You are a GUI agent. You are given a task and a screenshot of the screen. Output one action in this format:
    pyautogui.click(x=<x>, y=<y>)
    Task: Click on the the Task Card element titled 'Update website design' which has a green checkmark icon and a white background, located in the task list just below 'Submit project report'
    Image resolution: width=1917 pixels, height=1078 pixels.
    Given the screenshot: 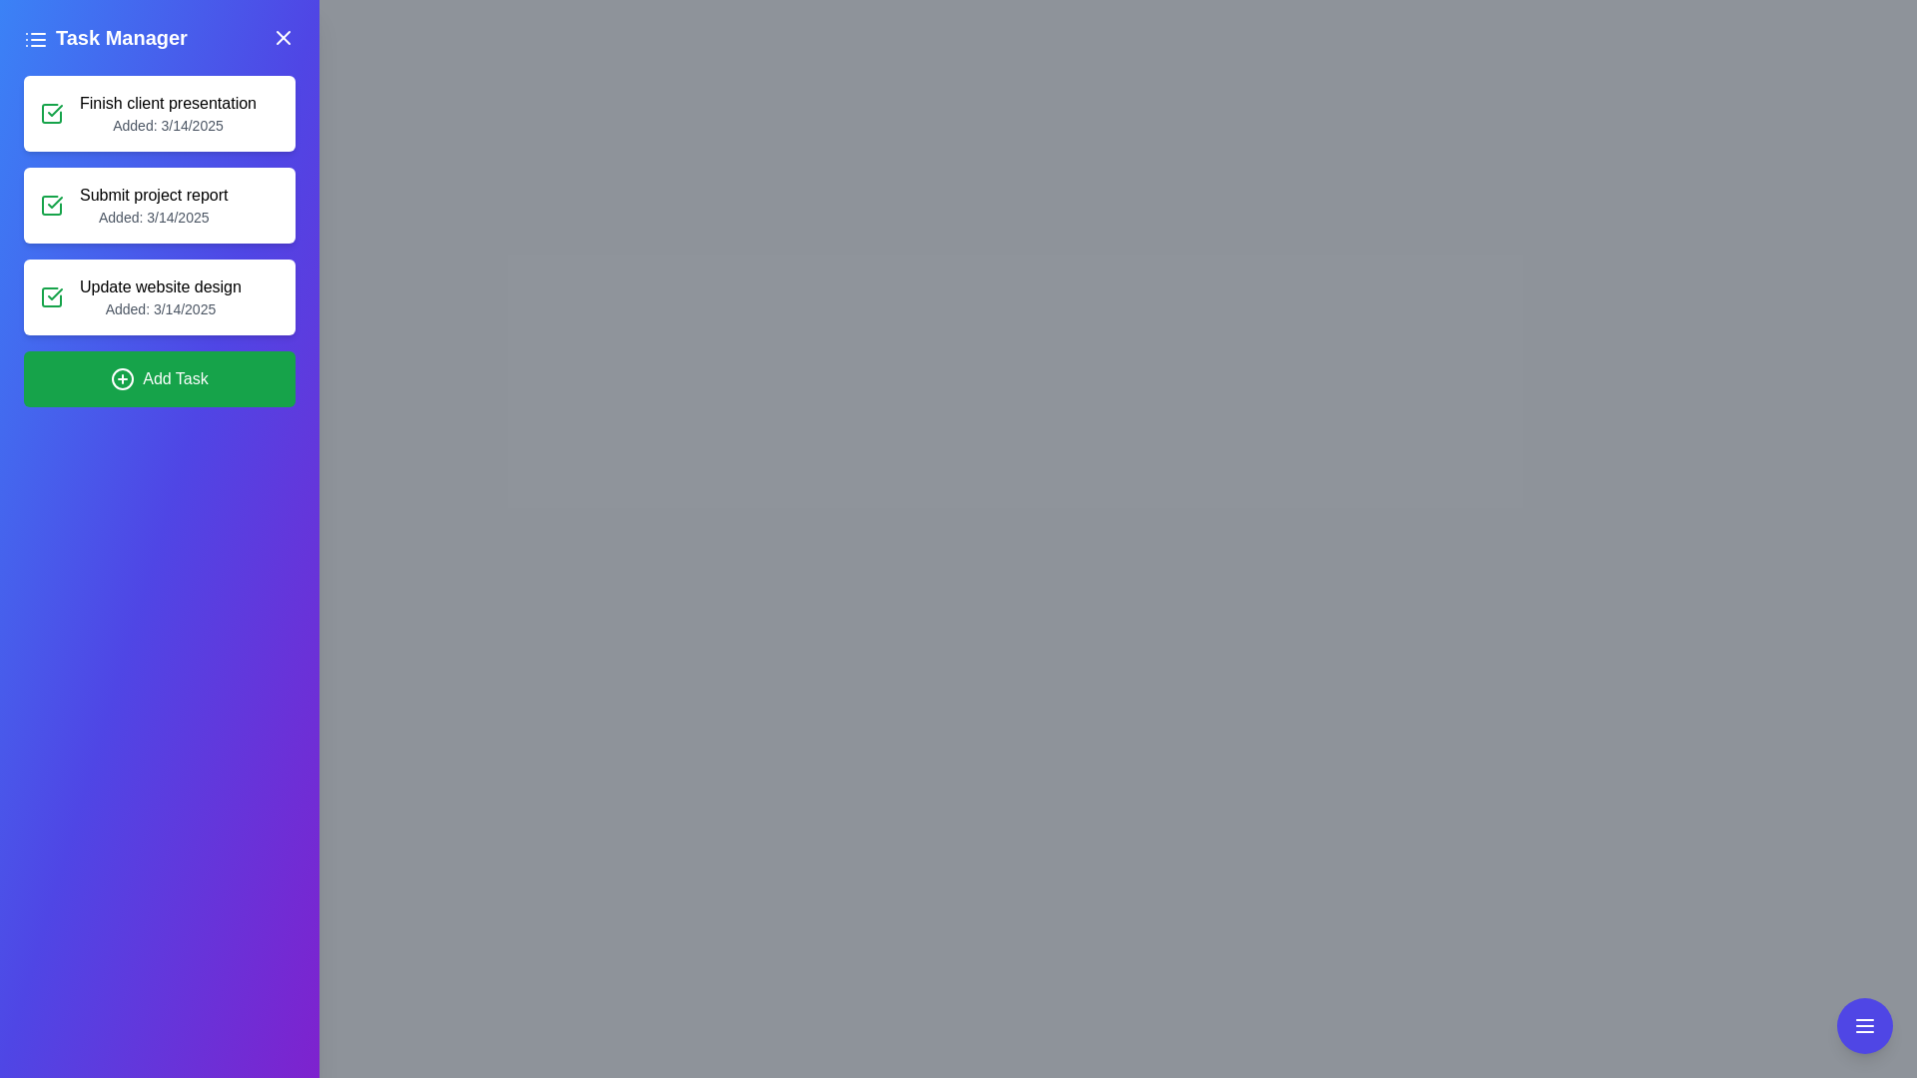 What is the action you would take?
    pyautogui.click(x=158, y=296)
    